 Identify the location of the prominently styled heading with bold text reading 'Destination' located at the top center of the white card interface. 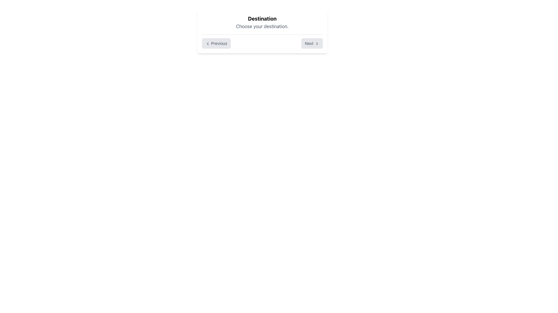
(262, 19).